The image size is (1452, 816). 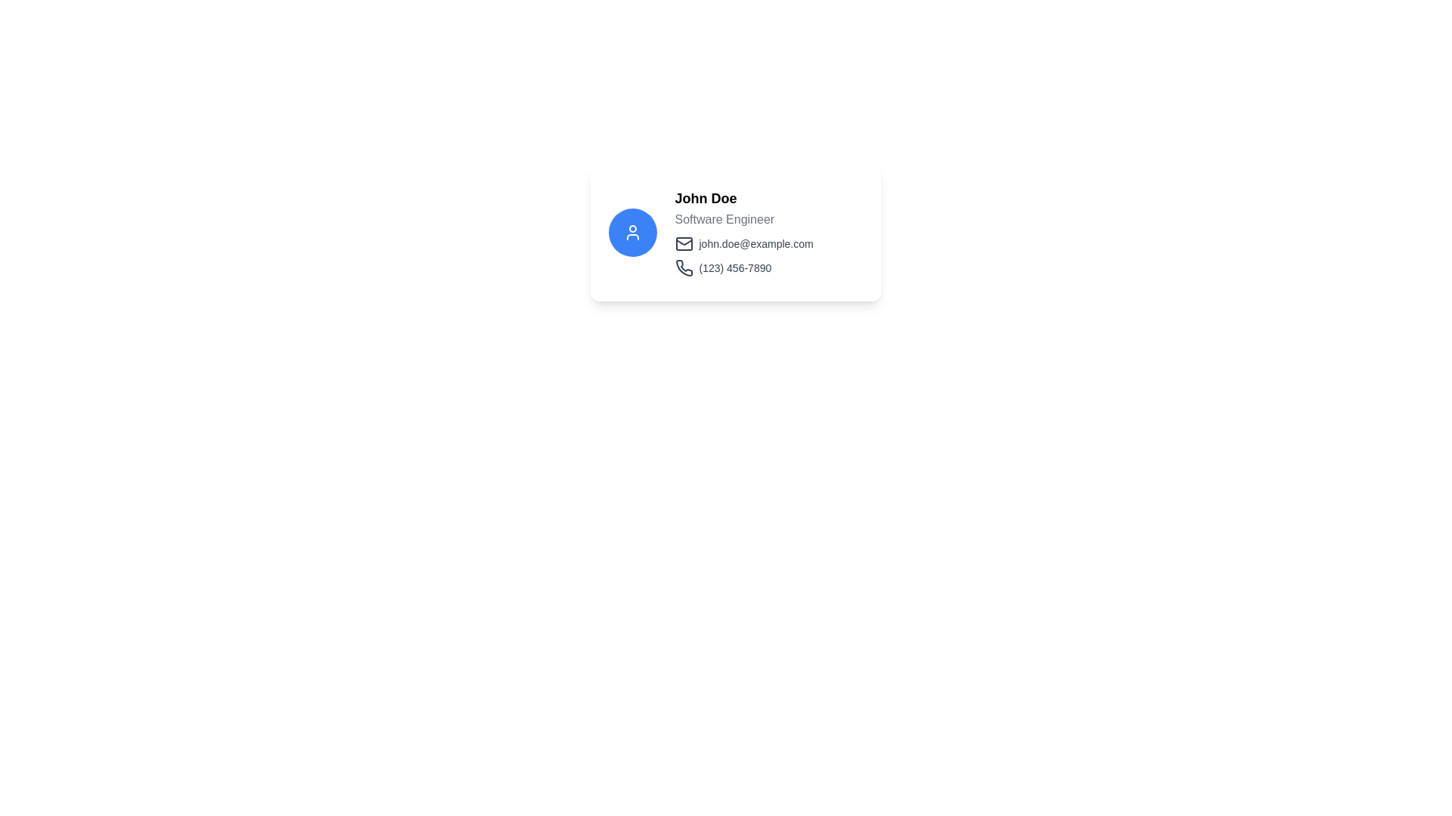 What do you see at coordinates (683, 243) in the screenshot?
I see `the envelope icon, which is a rectangular icon with rounded corners, located within the contact details section, adjacent to the email address 'john.doe@example.com'` at bounding box center [683, 243].